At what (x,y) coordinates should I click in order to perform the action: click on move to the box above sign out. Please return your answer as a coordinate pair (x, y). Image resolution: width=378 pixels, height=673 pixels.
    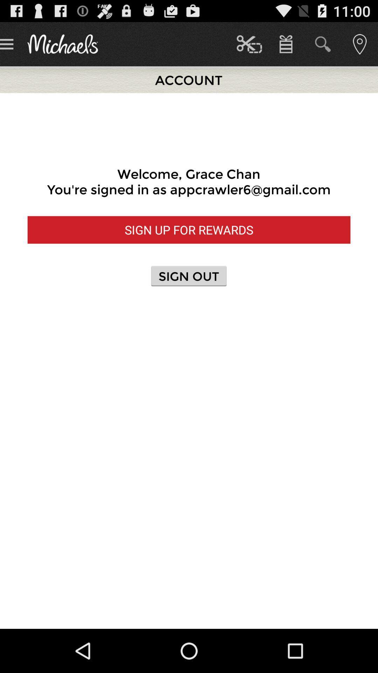
    Looking at the image, I should click on (189, 230).